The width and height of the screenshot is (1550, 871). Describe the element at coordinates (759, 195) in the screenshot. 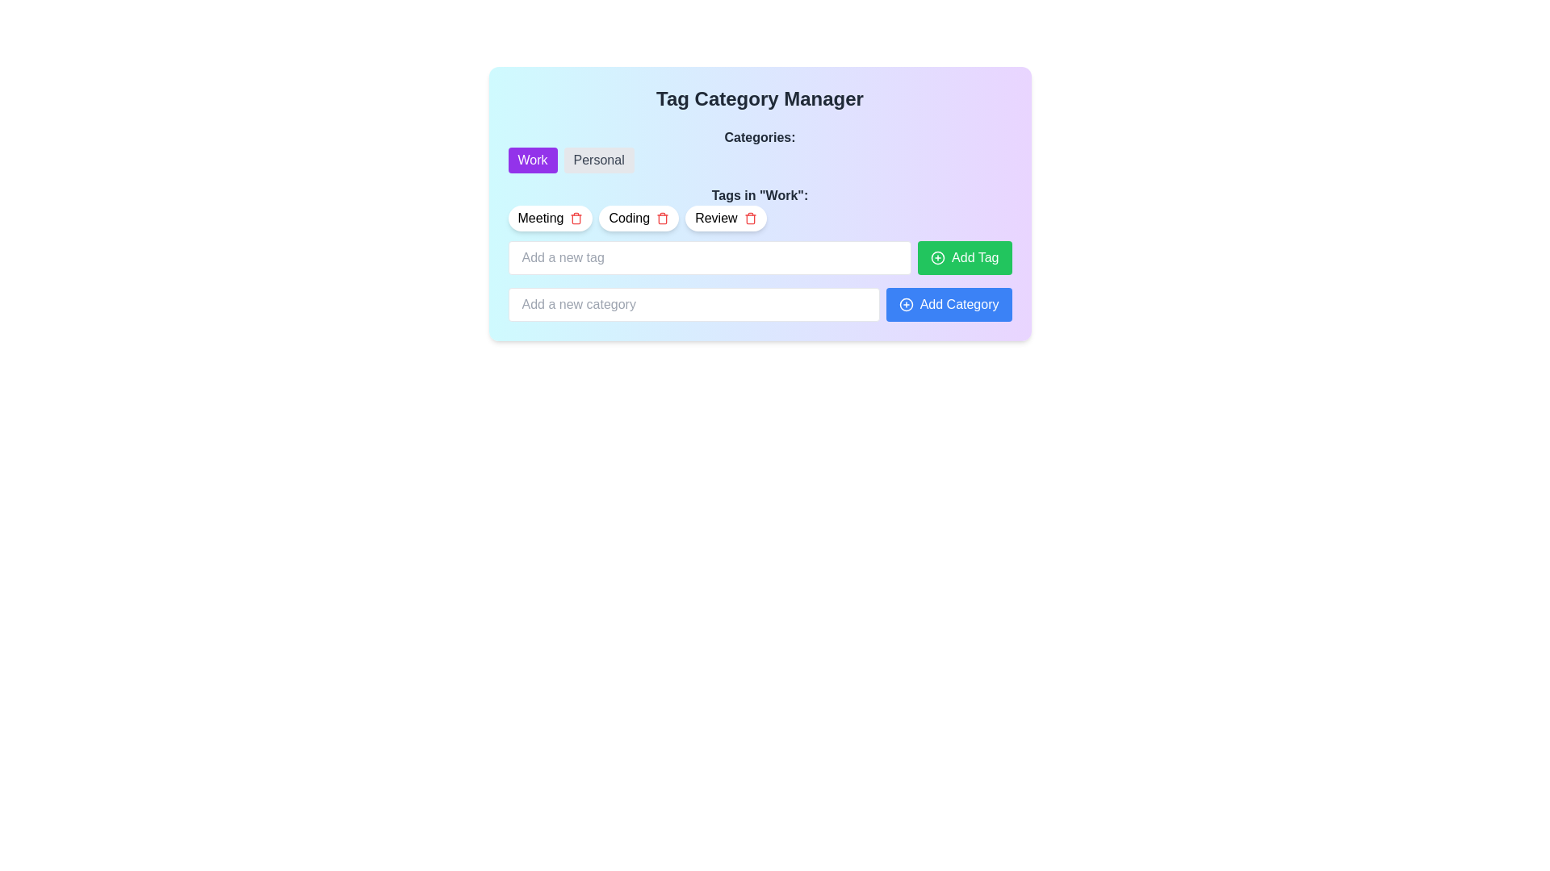

I see `text label 'Tags in "Work":' which is a bold dark gray heading above the tags section` at that location.